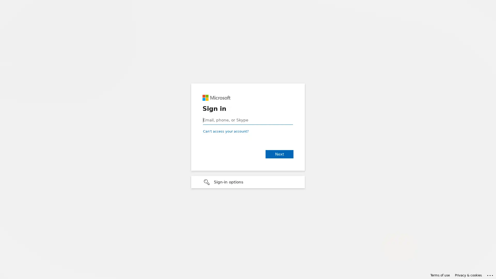  Describe the element at coordinates (279, 154) in the screenshot. I see `Next` at that location.